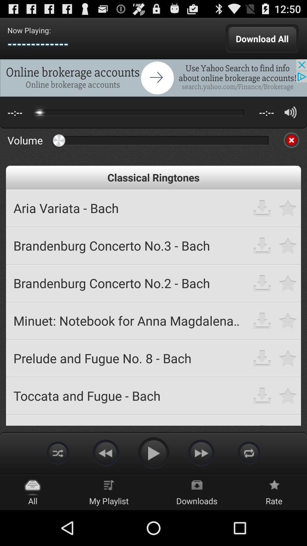 The width and height of the screenshot is (307, 546). Describe the element at coordinates (248, 452) in the screenshot. I see `repeat` at that location.